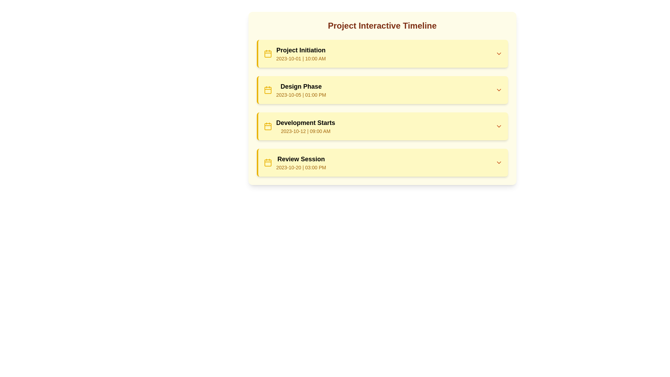 The height and width of the screenshot is (377, 670). I want to click on the text label that informs the user about the scheduled time for the 'Development Starts' event, located below the 'Development Starts' text in the third section of the Project Interactive Timeline, so click(306, 131).